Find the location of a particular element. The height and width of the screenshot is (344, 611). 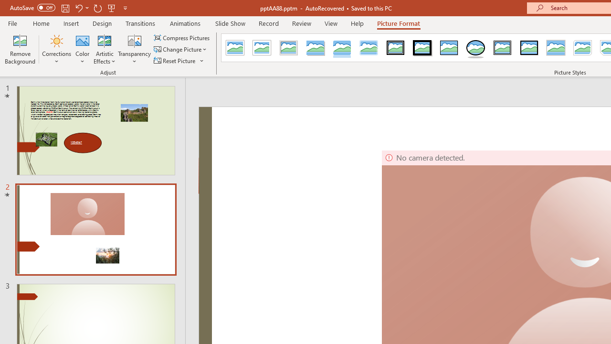

'Transparency' is located at coordinates (134, 49).